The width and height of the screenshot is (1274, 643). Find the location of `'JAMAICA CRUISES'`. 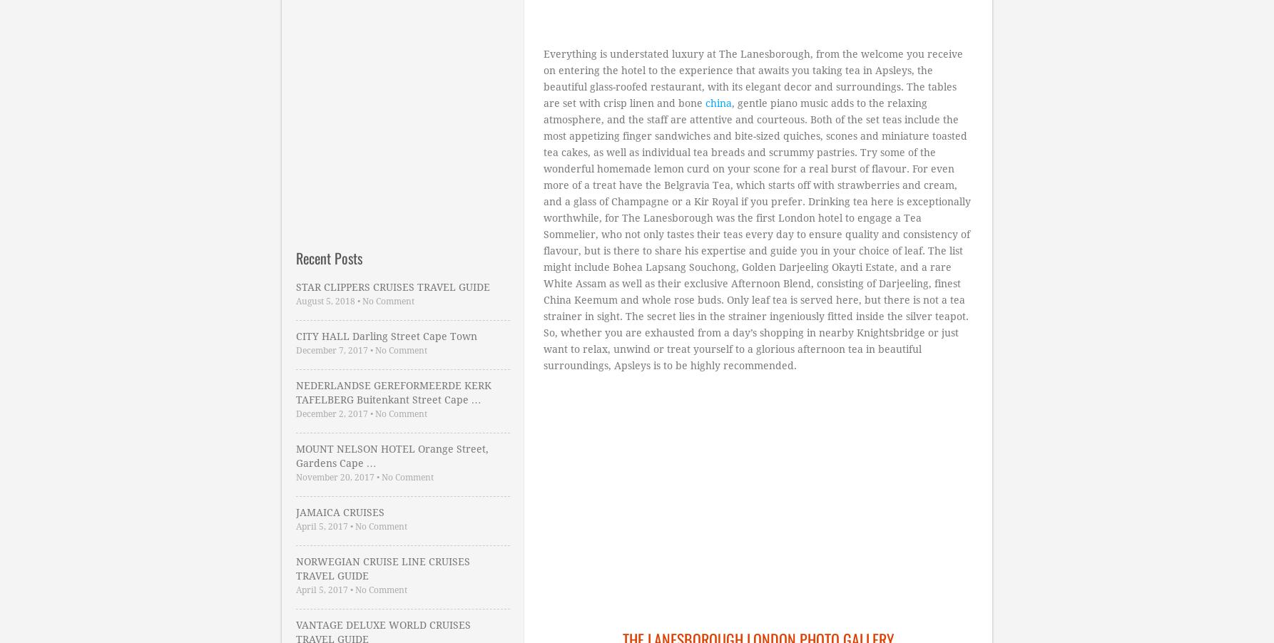

'JAMAICA CRUISES' is located at coordinates (338, 512).